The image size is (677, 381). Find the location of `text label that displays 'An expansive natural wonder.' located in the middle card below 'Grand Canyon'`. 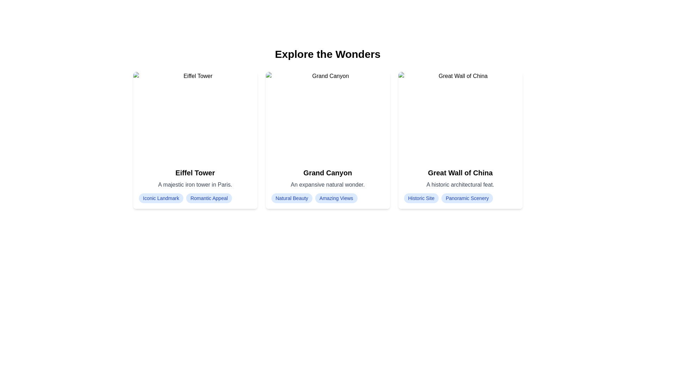

text label that displays 'An expansive natural wonder.' located in the middle card below 'Grand Canyon' is located at coordinates (327, 185).